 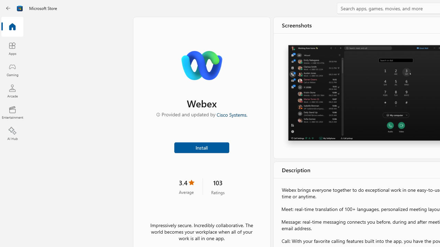 What do you see at coordinates (232, 114) in the screenshot?
I see `'Cisco Systems.'` at bounding box center [232, 114].